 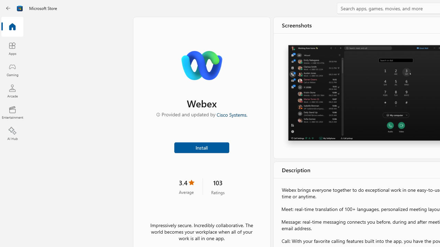 What do you see at coordinates (232, 114) in the screenshot?
I see `'Cisco Systems.'` at bounding box center [232, 114].